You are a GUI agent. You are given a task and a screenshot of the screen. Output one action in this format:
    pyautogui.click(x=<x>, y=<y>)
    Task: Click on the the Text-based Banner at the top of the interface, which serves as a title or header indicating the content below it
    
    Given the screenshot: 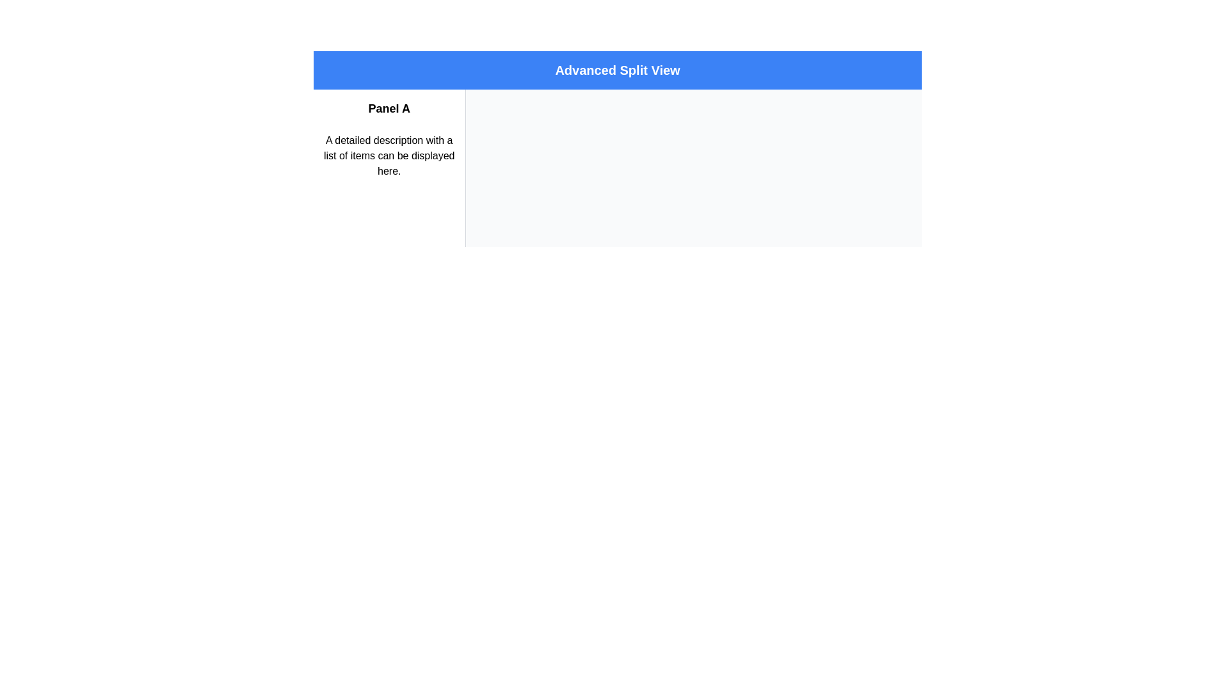 What is the action you would take?
    pyautogui.click(x=617, y=70)
    